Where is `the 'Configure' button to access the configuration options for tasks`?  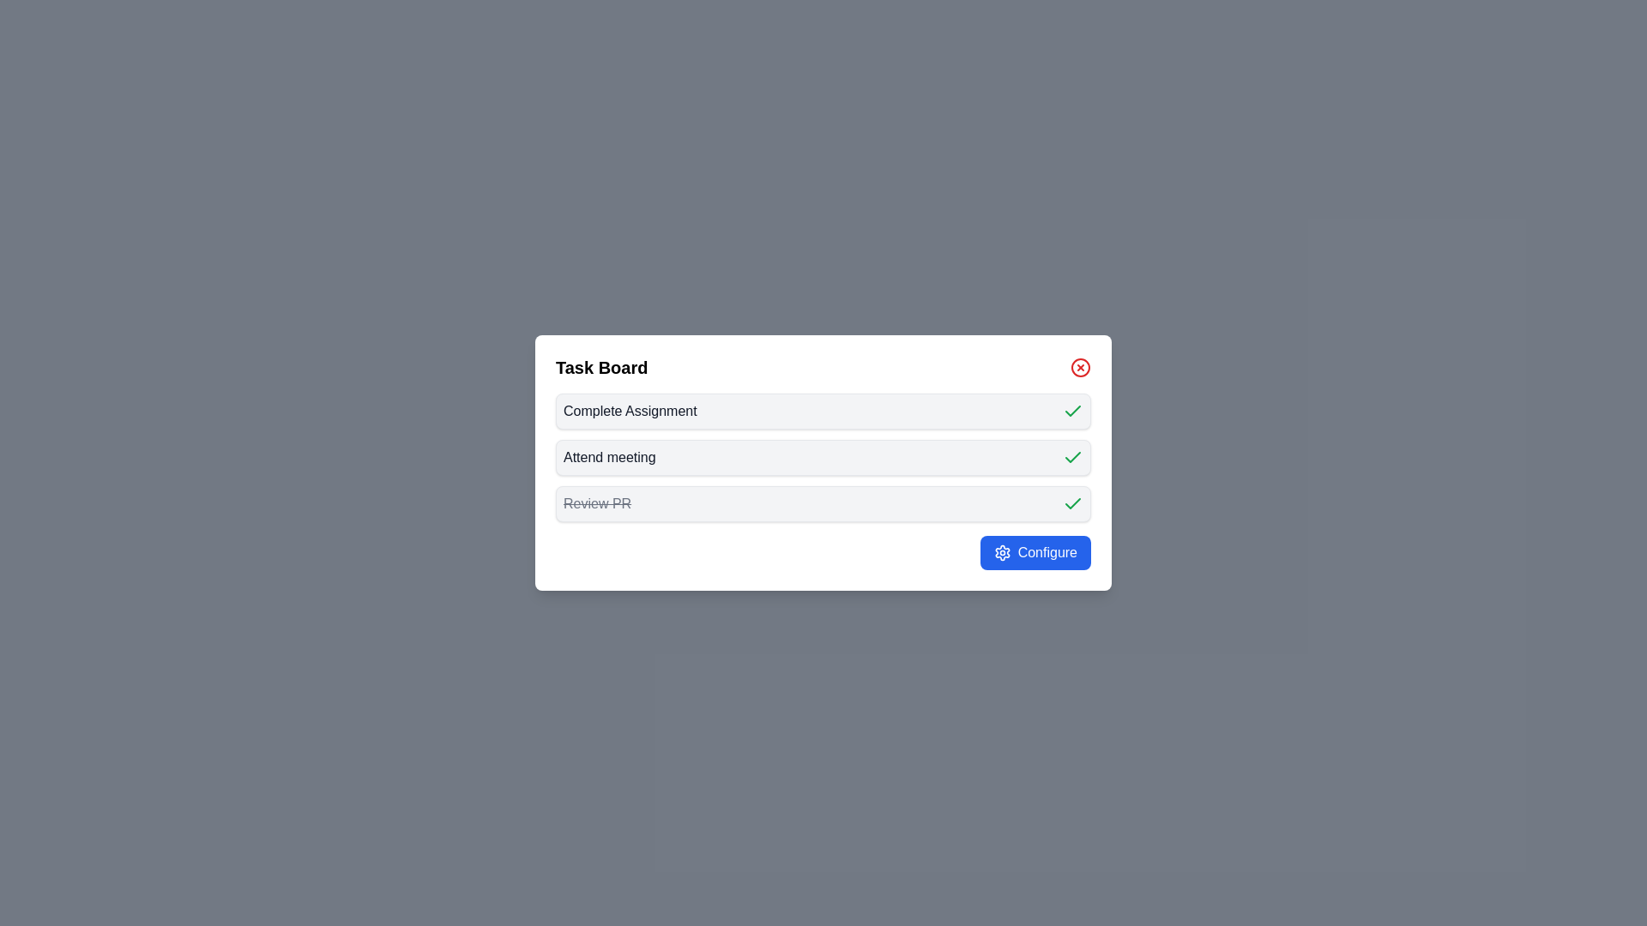
the 'Configure' button to access the configuration options for tasks is located at coordinates (1034, 552).